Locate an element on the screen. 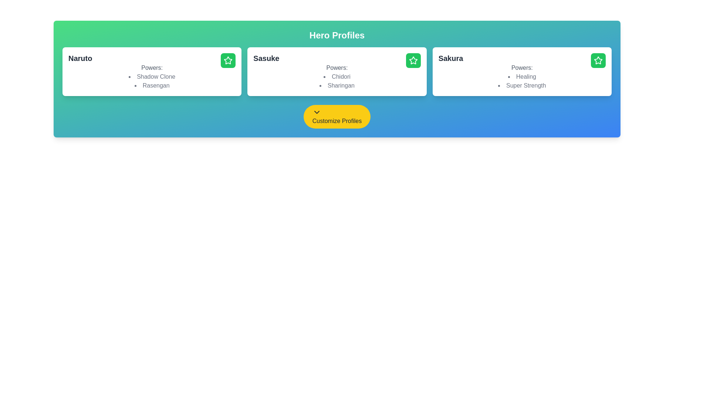  the static text label displaying 'Powers:' which is styled in gray color and located within the white card below the header 'Sasuke' is located at coordinates (337, 68).